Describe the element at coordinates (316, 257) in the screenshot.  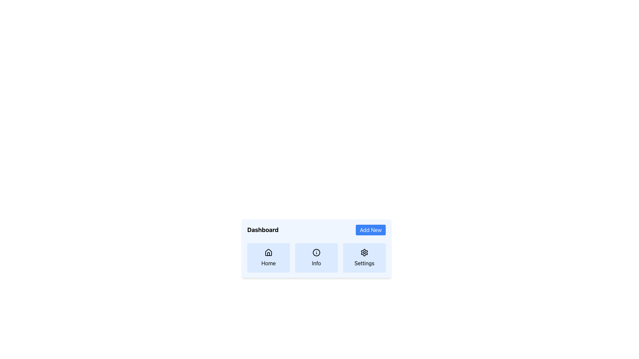
I see `the 'Info' button, which is a rounded rectangular button with a light blue background and a black circular icon featuring the letter 'i', to observe its hover effects` at that location.